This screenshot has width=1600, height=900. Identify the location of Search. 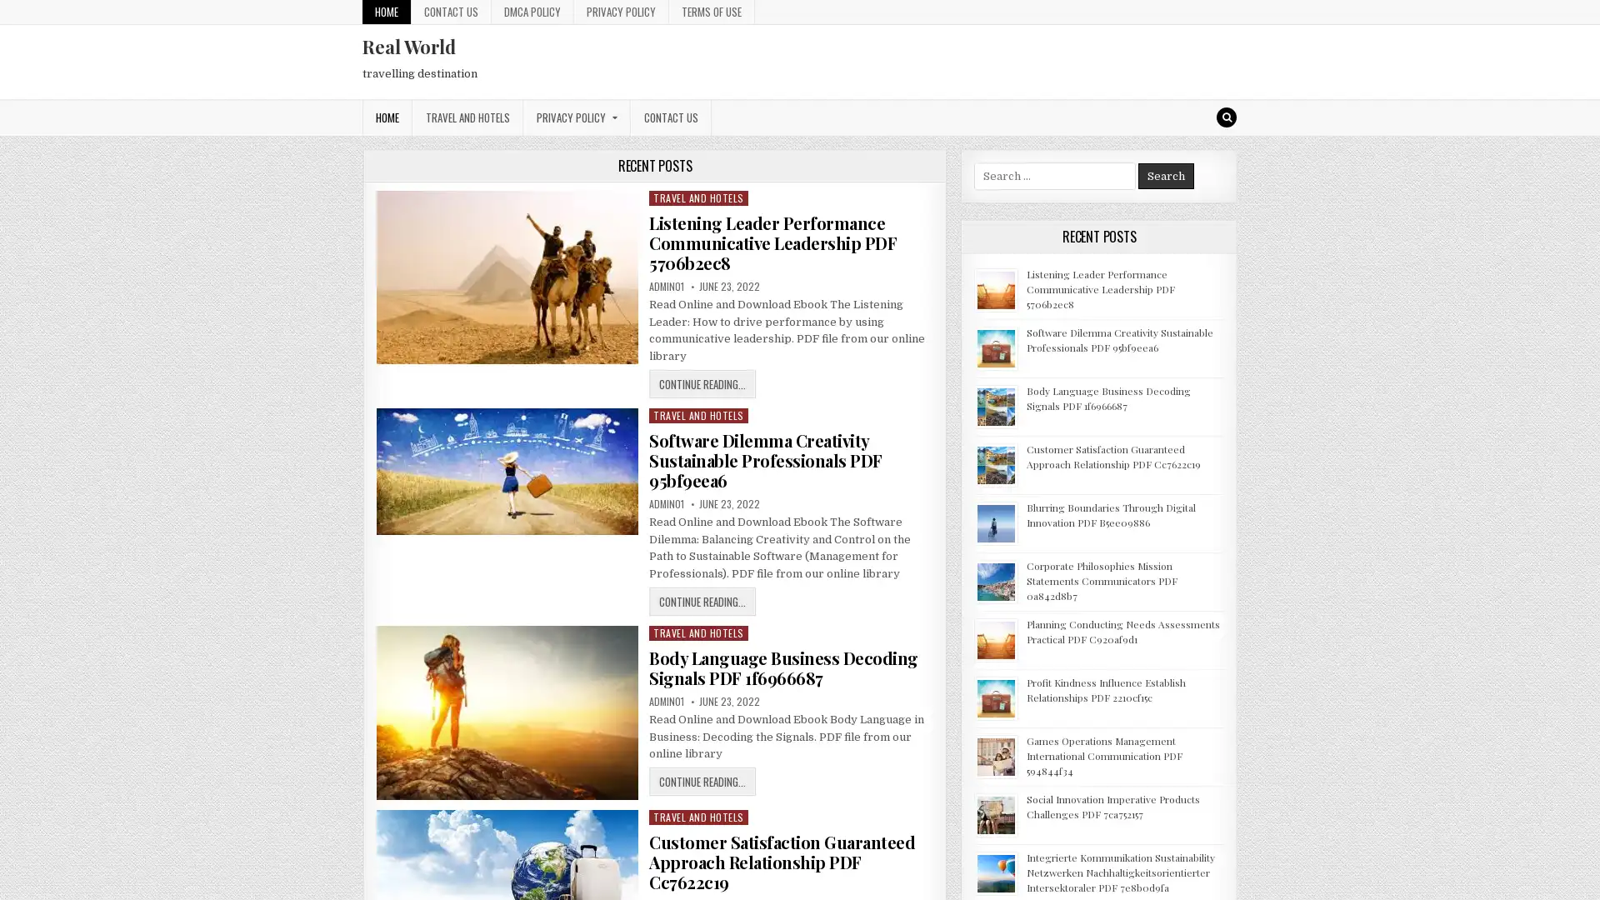
(1165, 176).